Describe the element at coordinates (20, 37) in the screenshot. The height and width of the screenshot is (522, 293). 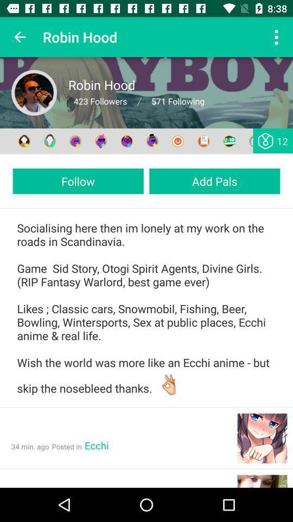
I see `icon to the left of the robin hood app` at that location.